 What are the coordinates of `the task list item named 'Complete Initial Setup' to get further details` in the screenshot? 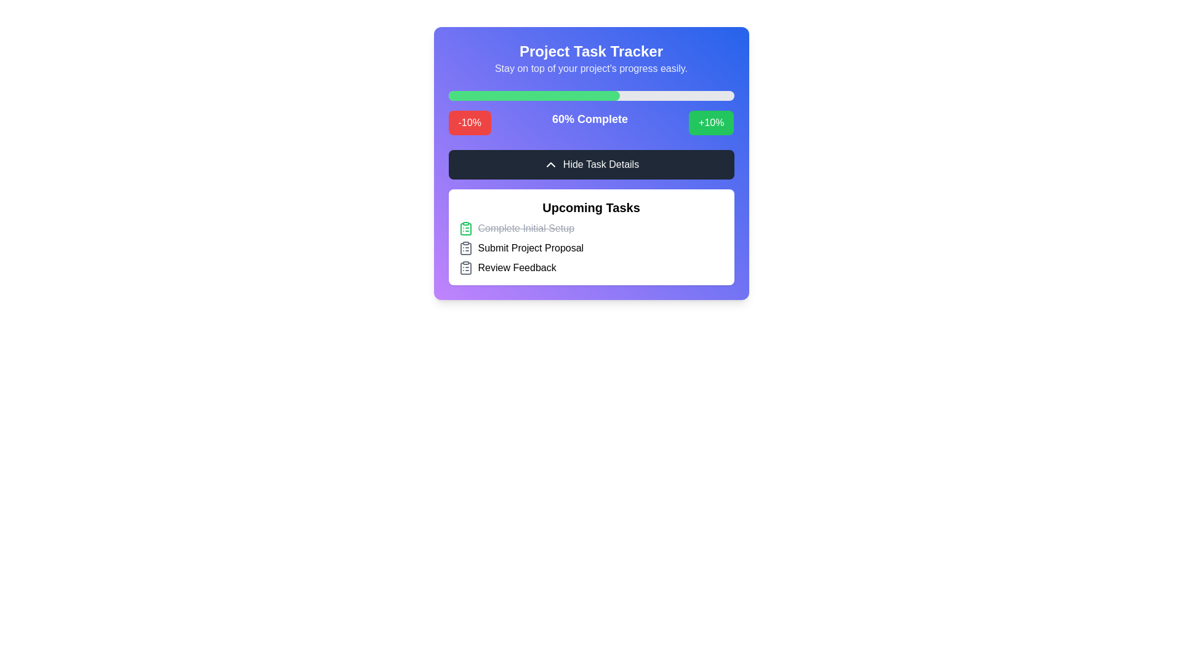 It's located at (591, 228).